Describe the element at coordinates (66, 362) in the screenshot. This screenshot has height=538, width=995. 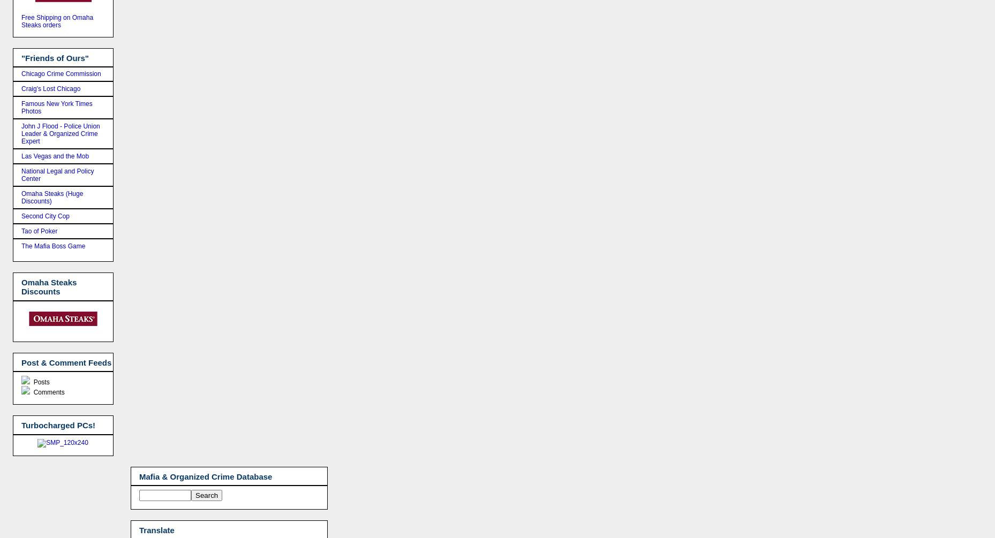
I see `'Post & Comment Feeds'` at that location.